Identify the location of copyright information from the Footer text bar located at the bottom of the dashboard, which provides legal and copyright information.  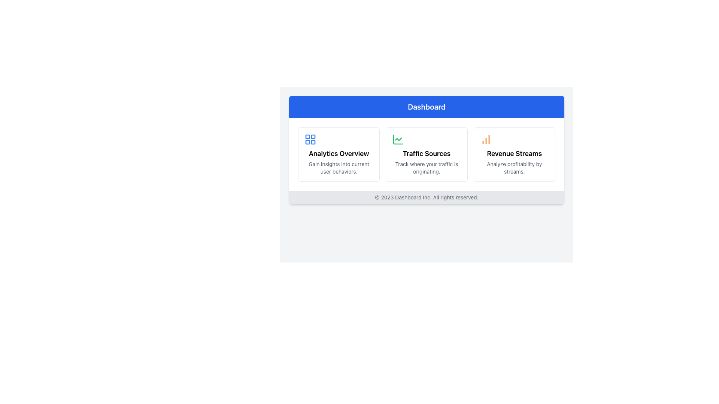
(427, 197).